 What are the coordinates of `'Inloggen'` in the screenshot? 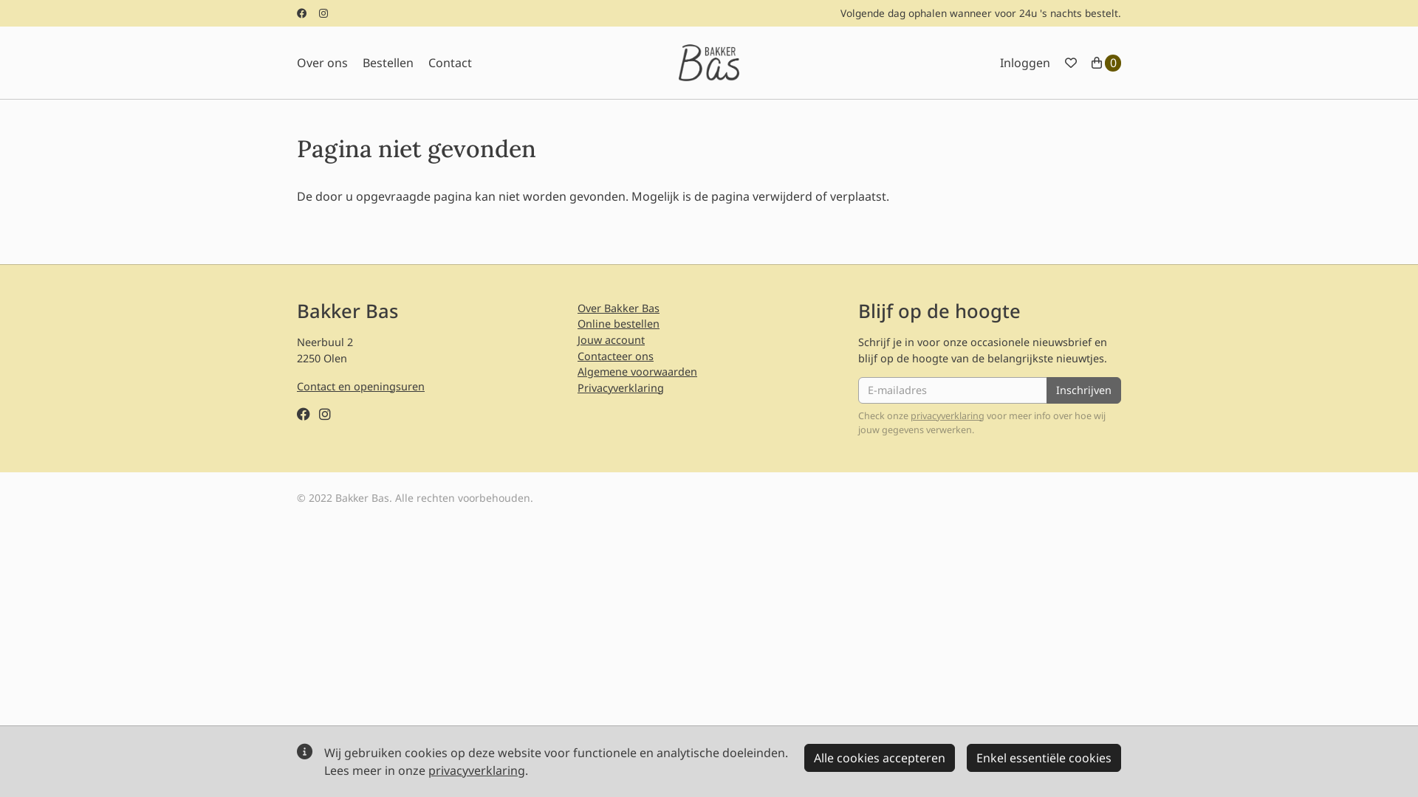 It's located at (1024, 61).